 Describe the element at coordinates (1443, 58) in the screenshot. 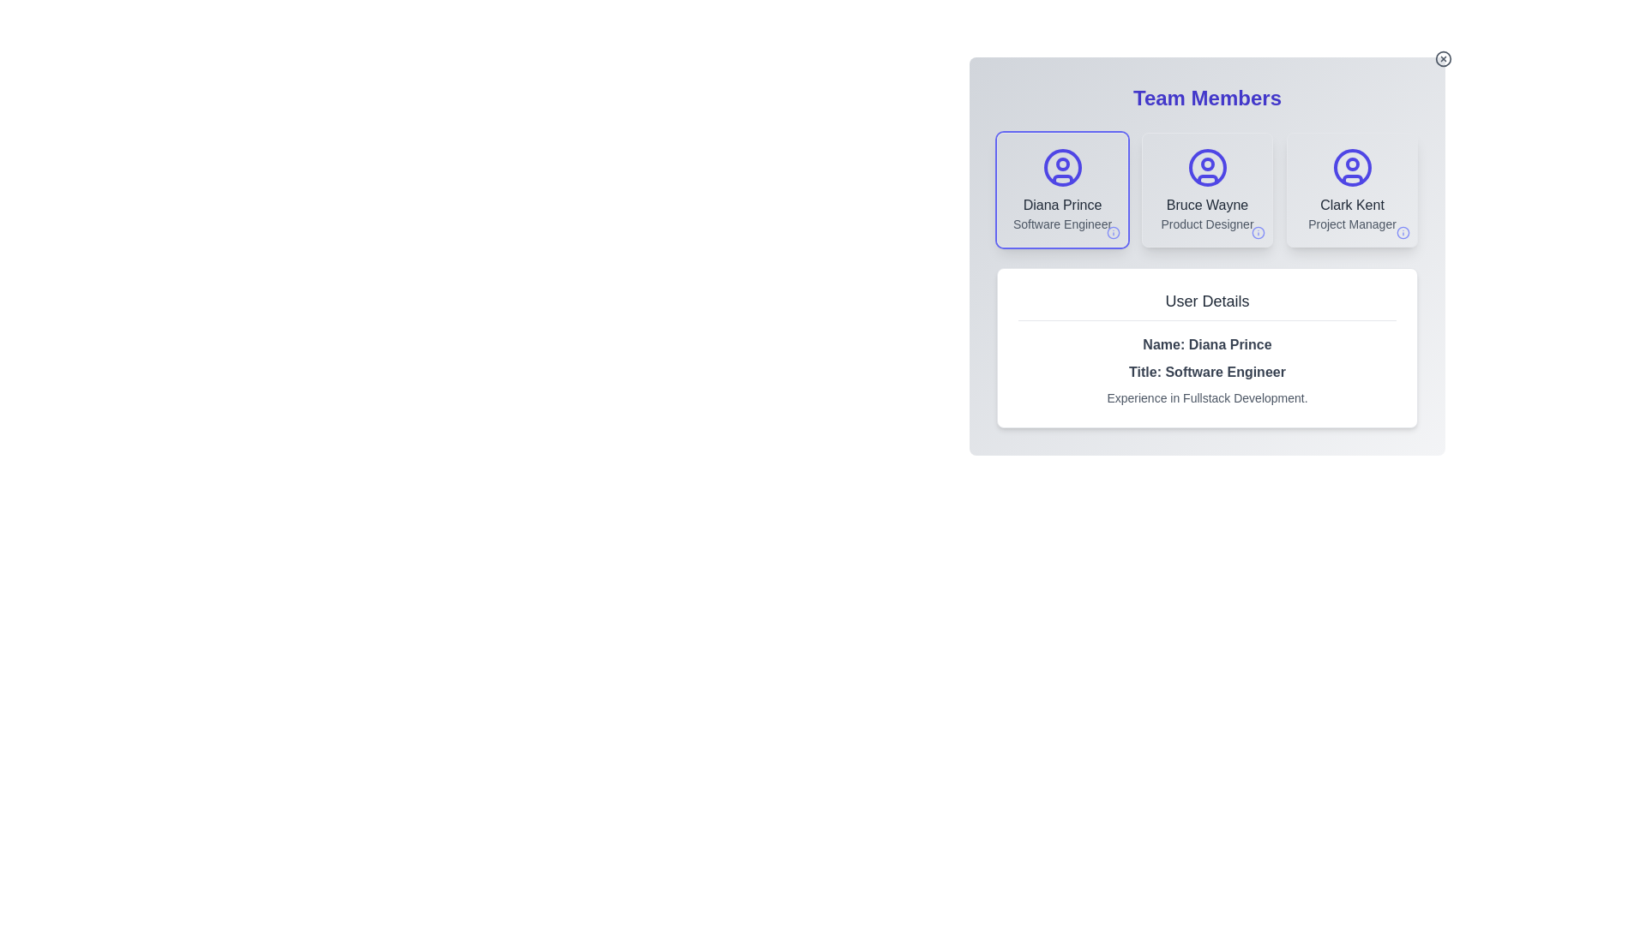

I see `the Circle graphic at the top-right corner of the main content box, which is part of a circle-X graphic for closing or canceling actions` at that location.